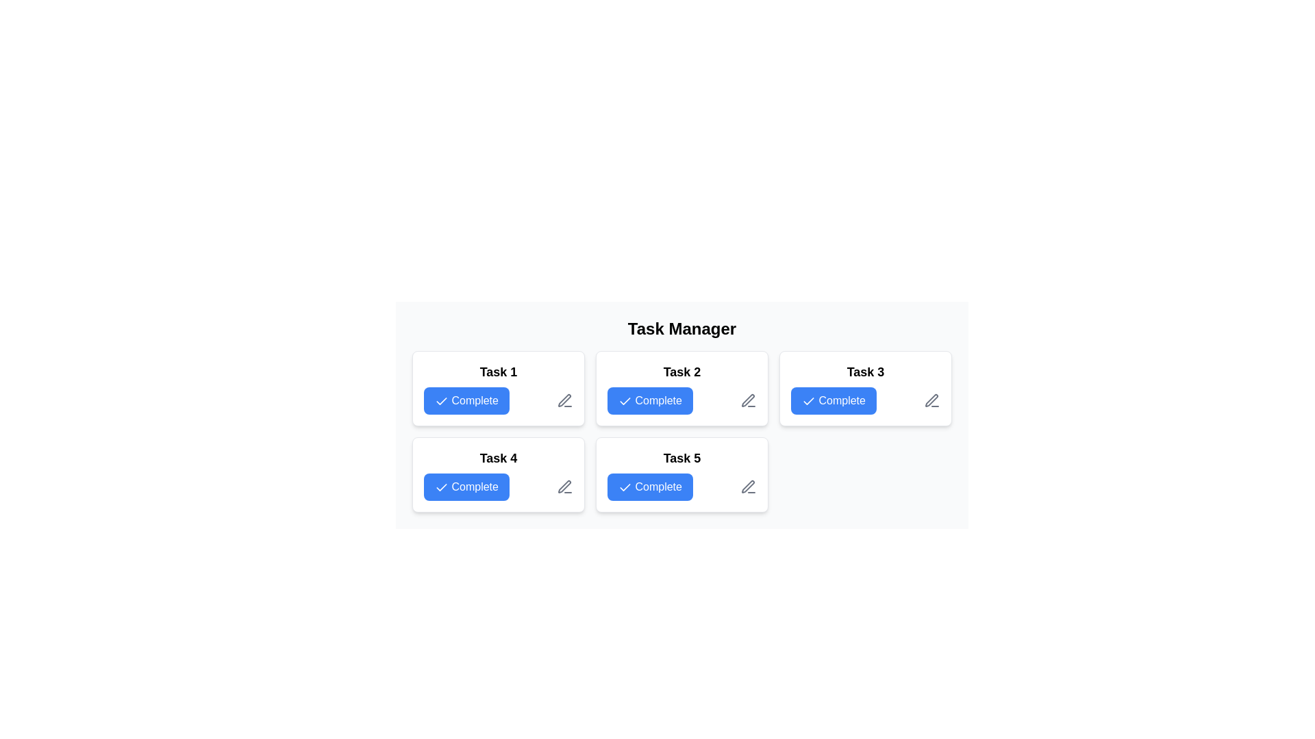  I want to click on the text label that identifies the task as 'Task 4 Complete', which is positioned at the top center of the card in the second row and first column of the task manager layout grid, so click(498, 458).